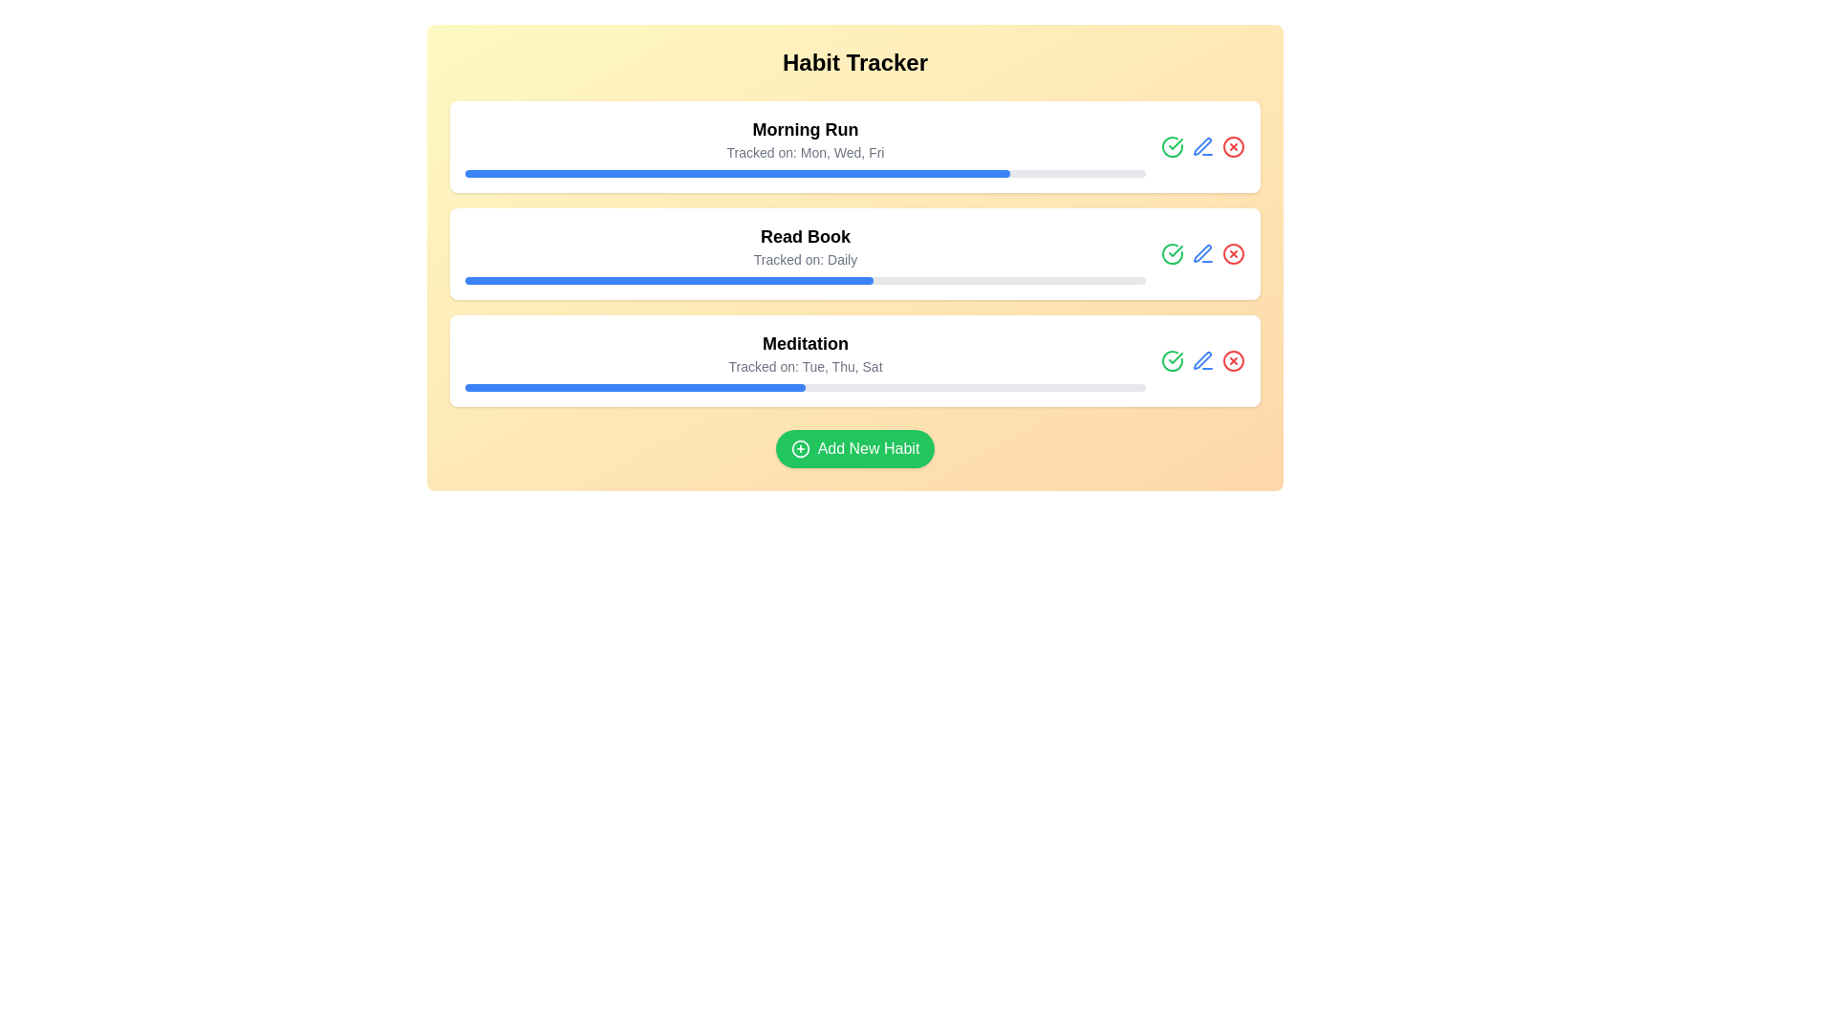 Image resolution: width=1835 pixels, height=1032 pixels. Describe the element at coordinates (562, 280) in the screenshot. I see `the progress bar` at that location.